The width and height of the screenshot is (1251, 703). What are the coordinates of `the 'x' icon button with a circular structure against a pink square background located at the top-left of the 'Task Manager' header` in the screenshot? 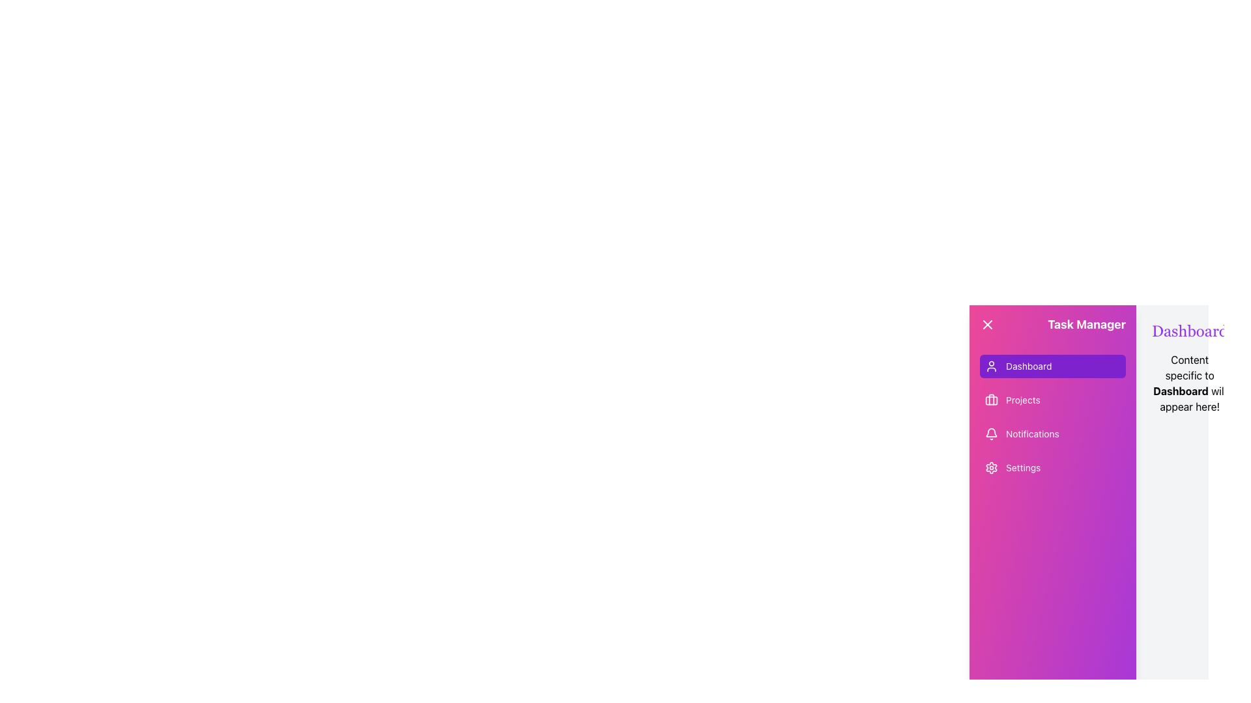 It's located at (988, 324).